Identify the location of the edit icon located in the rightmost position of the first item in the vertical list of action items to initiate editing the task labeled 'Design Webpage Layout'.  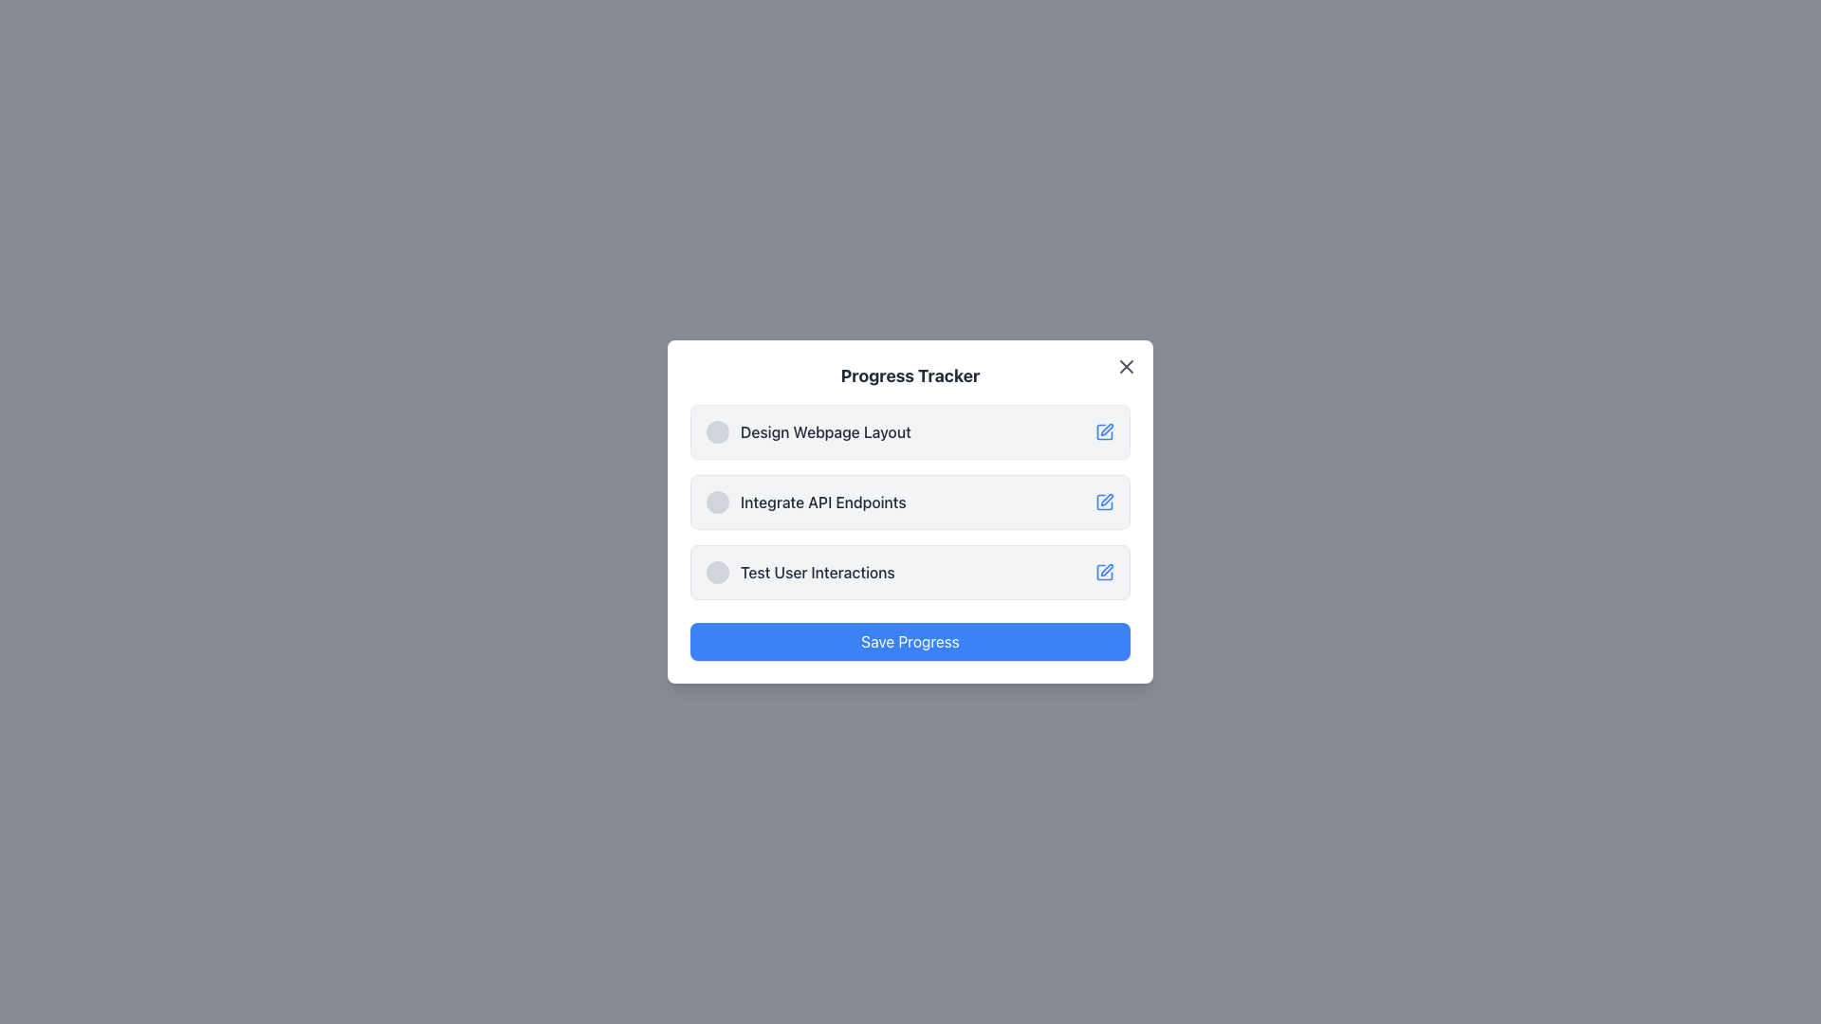
(1107, 430).